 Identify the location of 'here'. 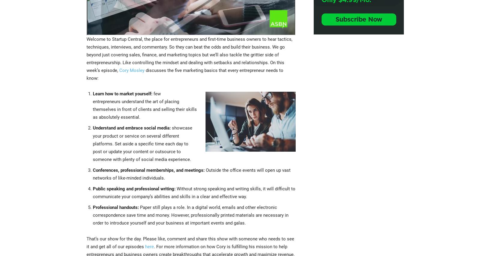
(144, 246).